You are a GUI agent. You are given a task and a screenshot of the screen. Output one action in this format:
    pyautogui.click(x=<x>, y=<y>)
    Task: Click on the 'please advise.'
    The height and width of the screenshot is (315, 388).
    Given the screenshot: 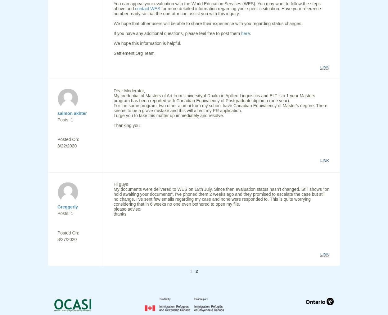 What is the action you would take?
    pyautogui.click(x=113, y=209)
    